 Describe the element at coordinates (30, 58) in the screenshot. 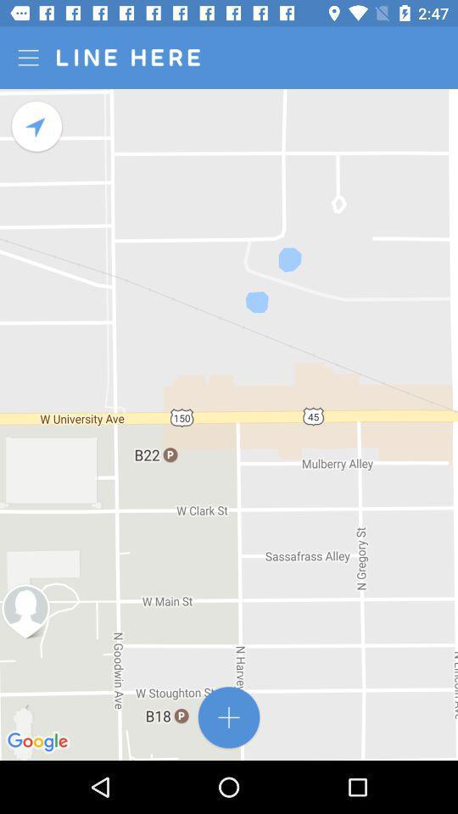

I see `menu` at that location.